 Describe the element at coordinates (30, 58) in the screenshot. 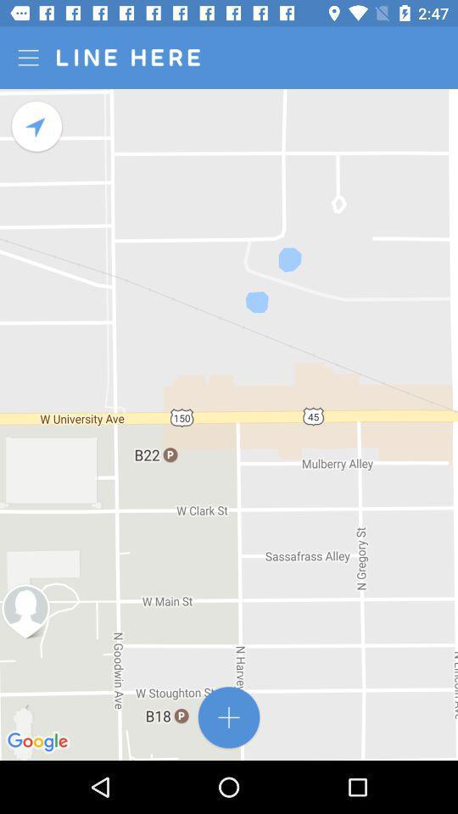

I see `menu` at that location.